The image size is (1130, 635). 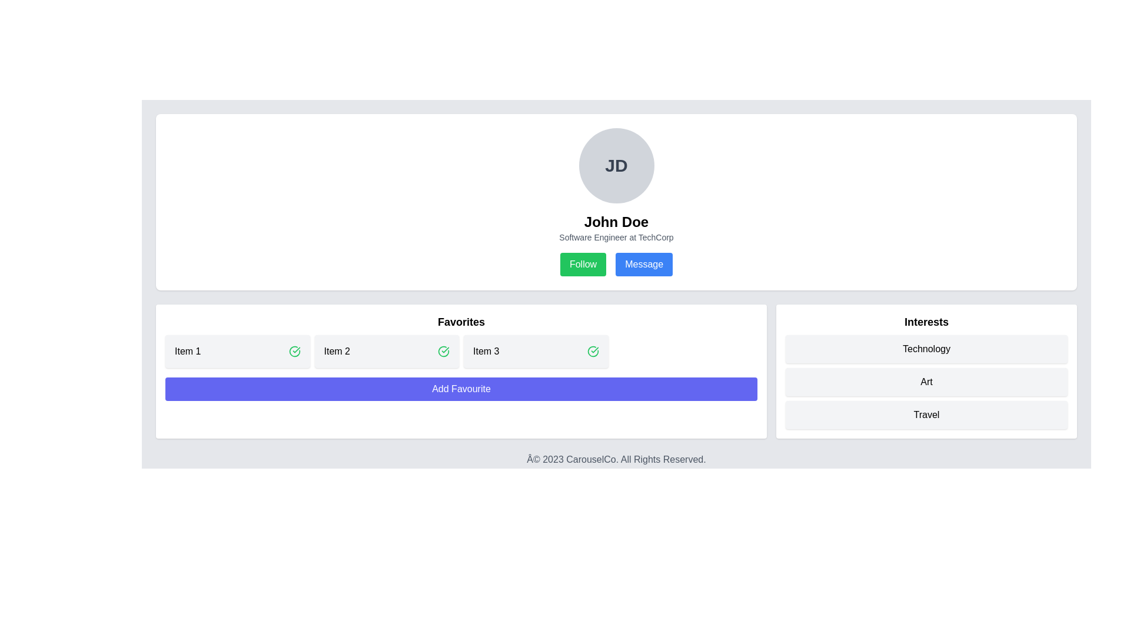 I want to click on the 'Add to Favorites' button located below 'Item 1', 'Item 2', and 'Item 3' in the 'Favorites' section, so click(x=460, y=389).